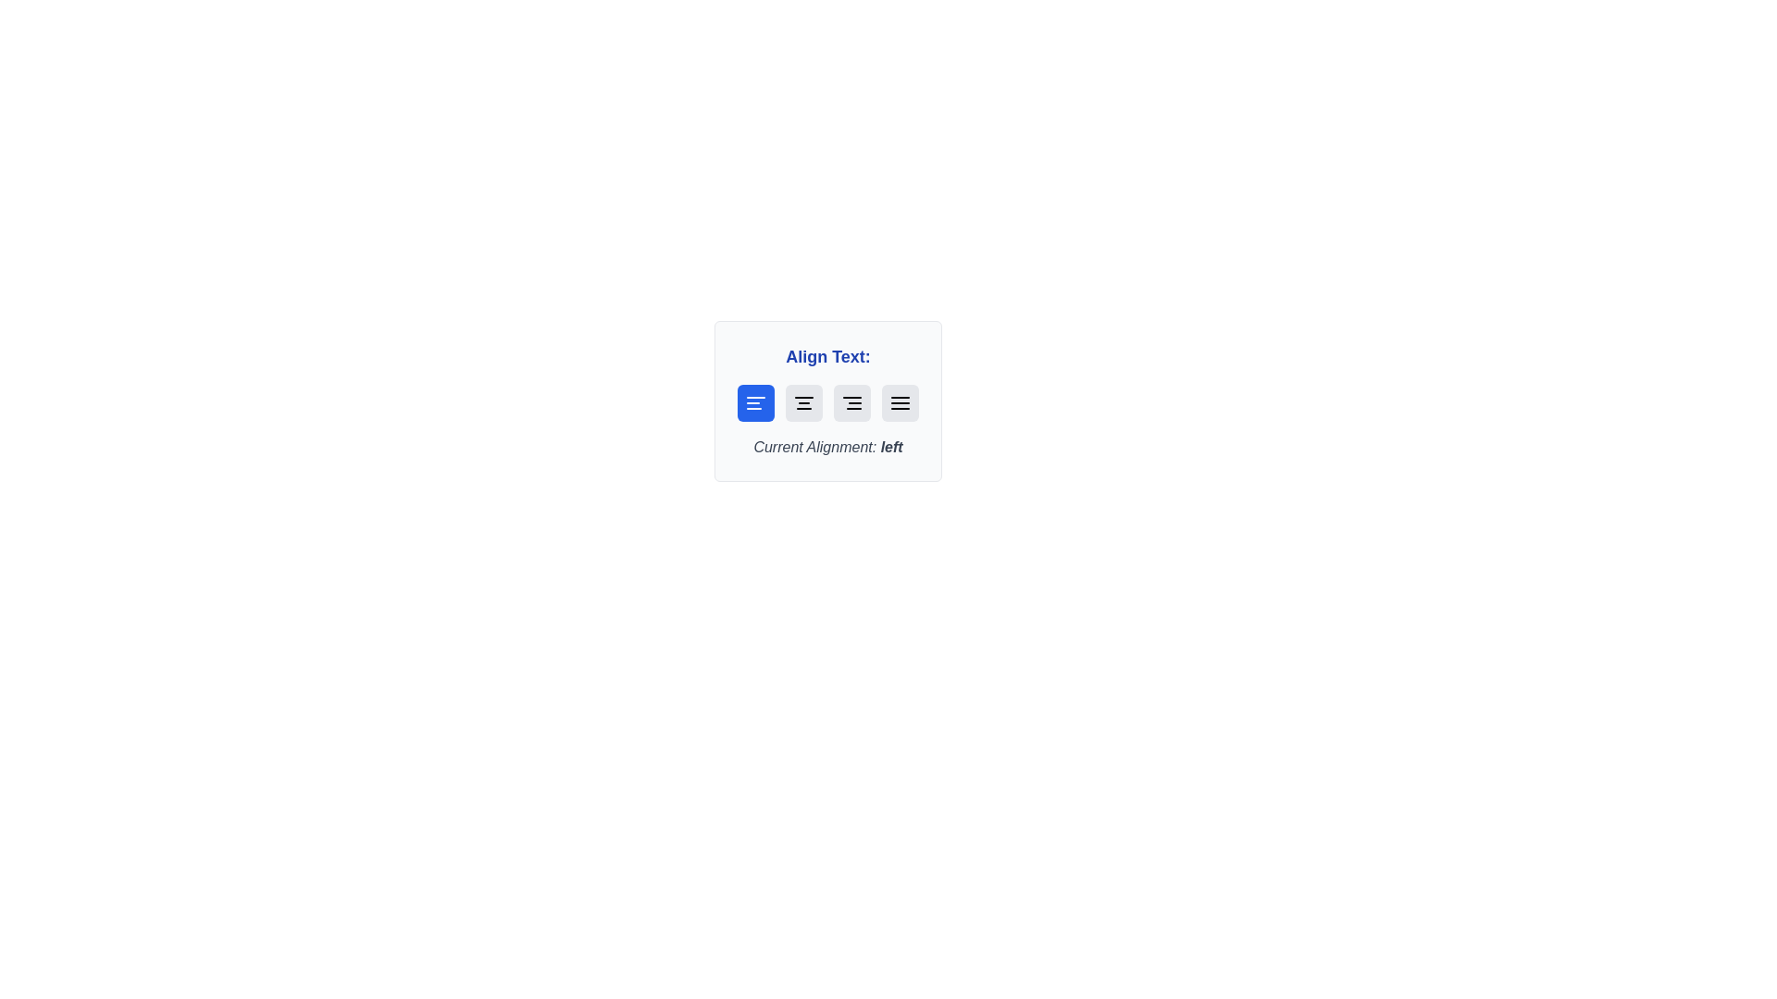 This screenshot has height=999, width=1777. What do you see at coordinates (901, 401) in the screenshot?
I see `button corresponding to the desired text alignment: justify` at bounding box center [901, 401].